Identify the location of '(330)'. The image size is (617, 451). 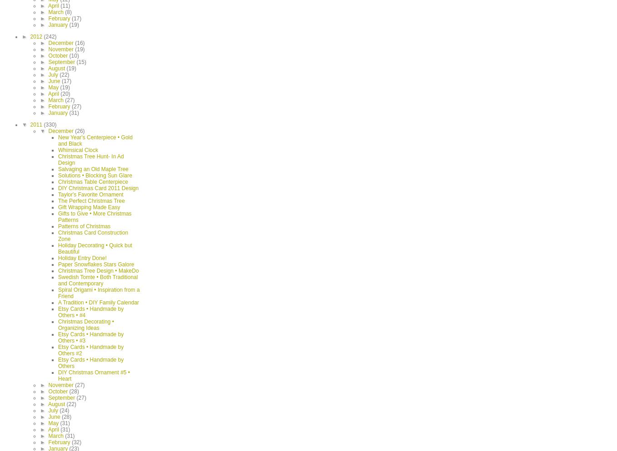
(49, 124).